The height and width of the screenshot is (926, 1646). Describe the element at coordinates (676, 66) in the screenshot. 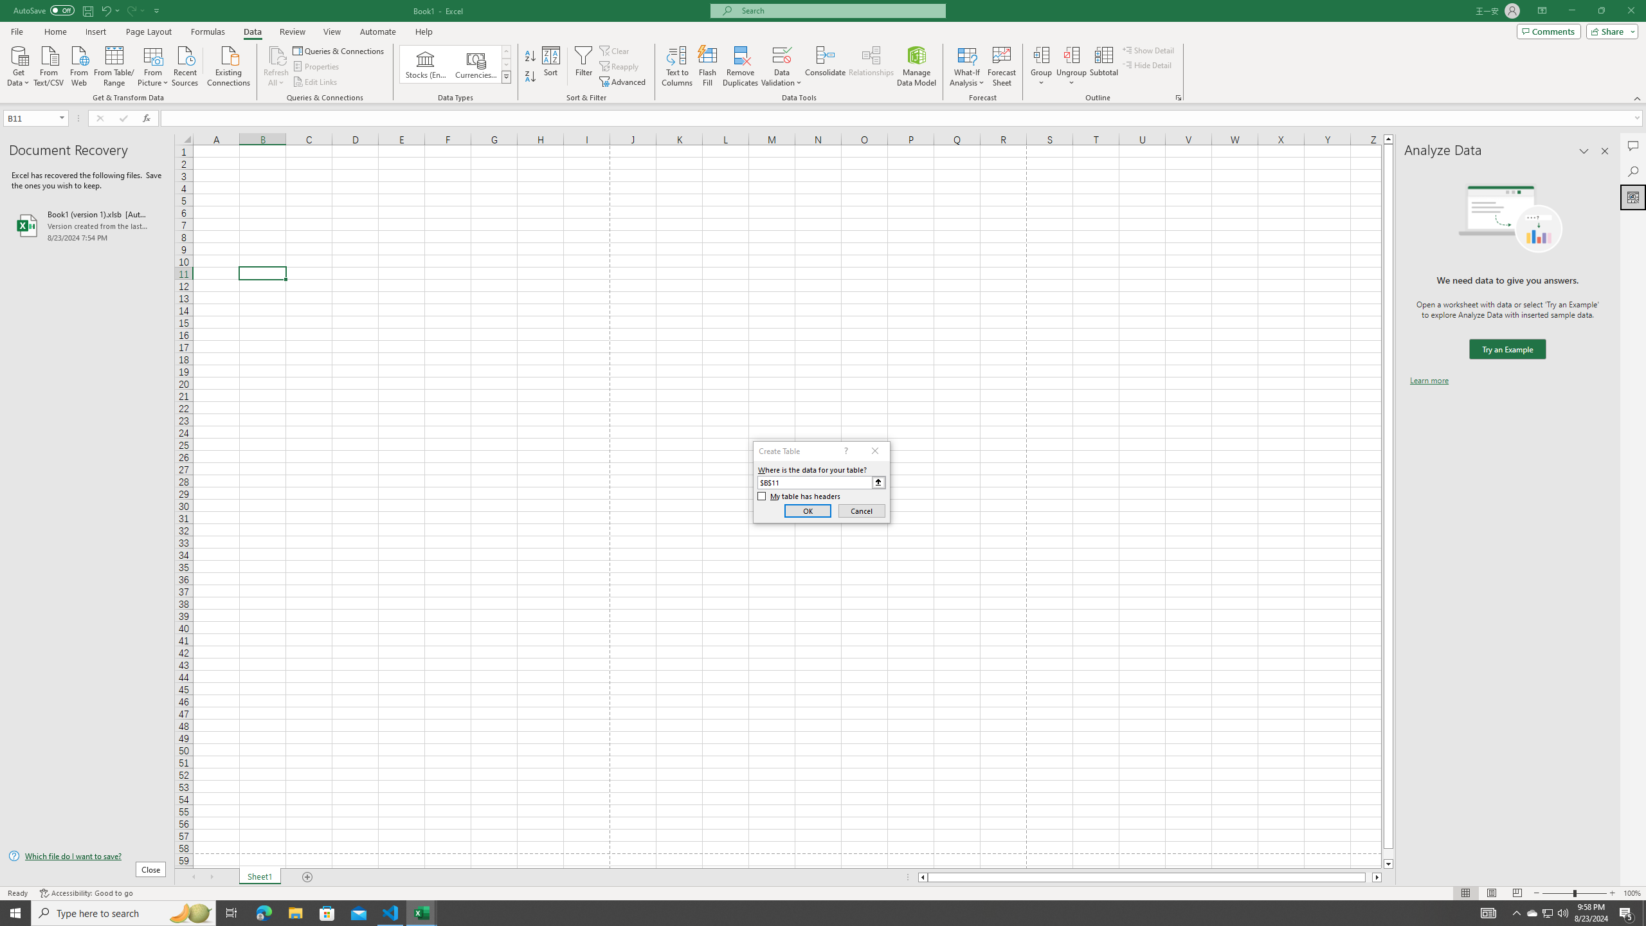

I see `'Text to Columns...'` at that location.